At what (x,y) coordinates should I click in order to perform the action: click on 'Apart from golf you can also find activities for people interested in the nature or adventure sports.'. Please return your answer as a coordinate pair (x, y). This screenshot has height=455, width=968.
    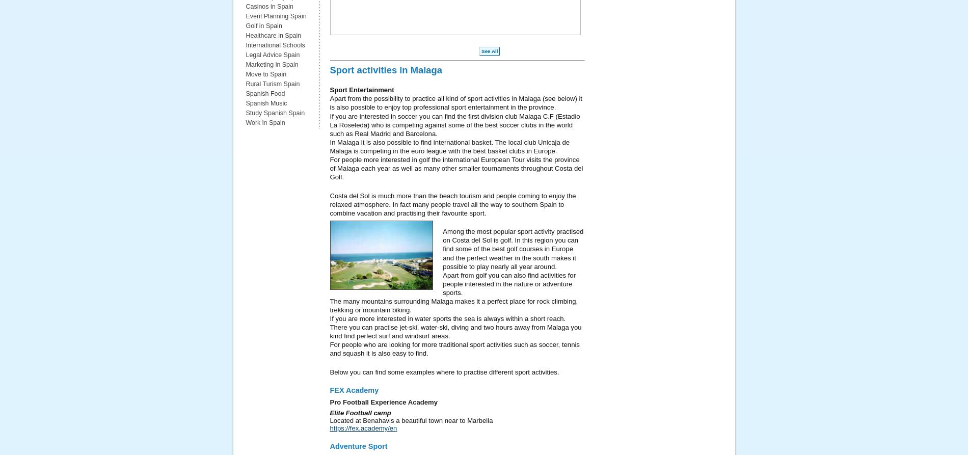
    Looking at the image, I should click on (509, 283).